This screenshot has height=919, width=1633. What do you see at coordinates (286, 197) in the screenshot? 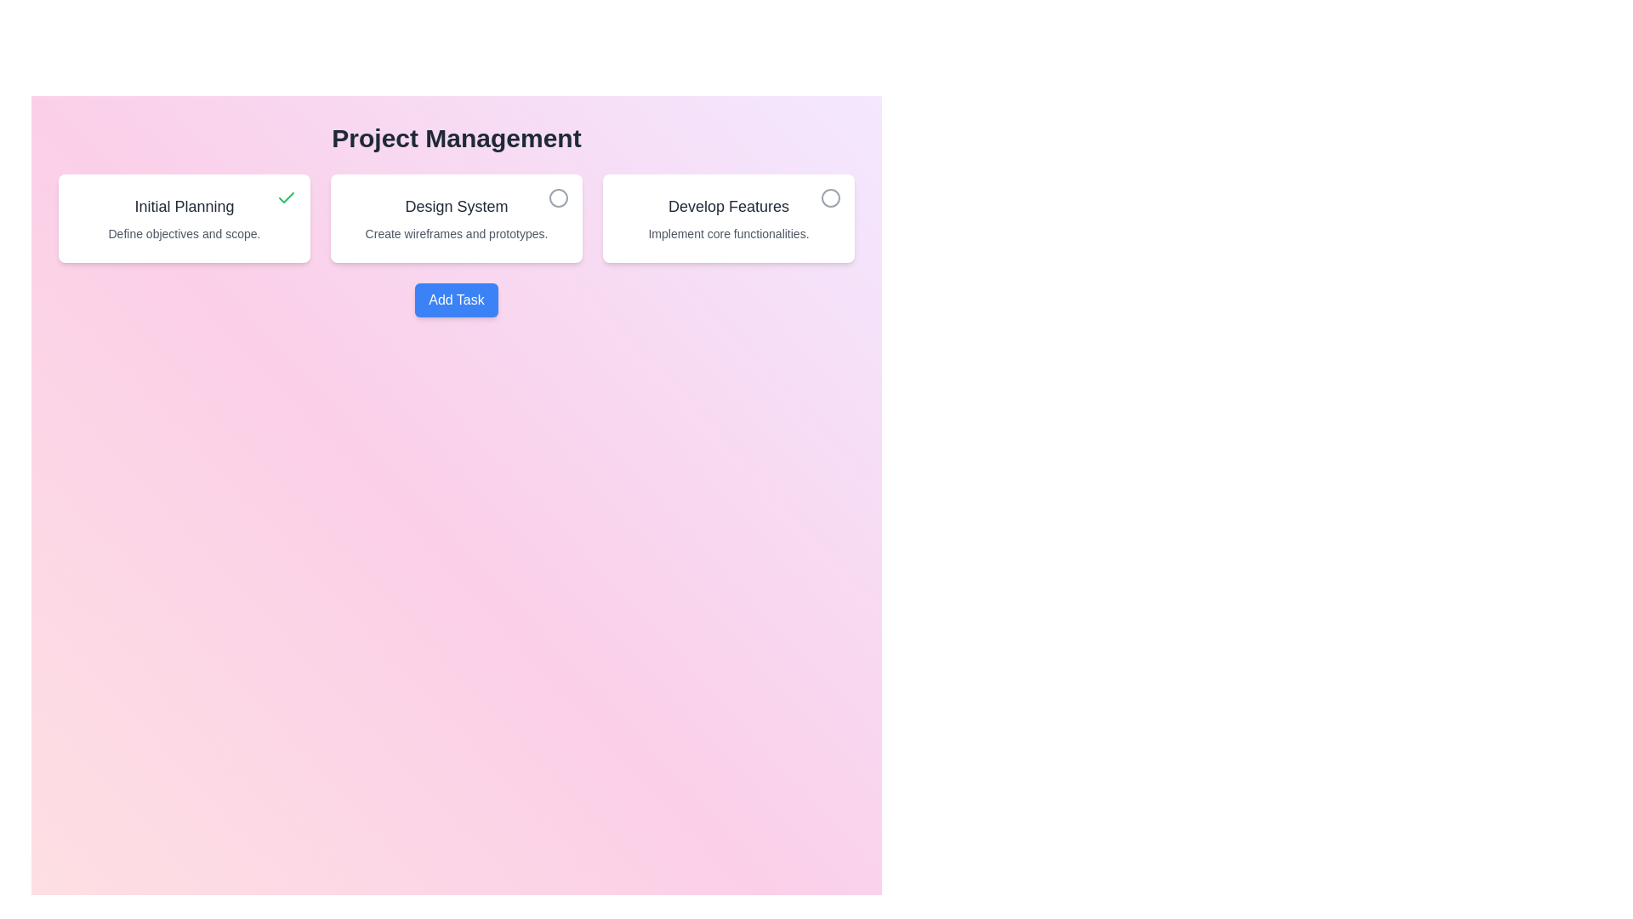
I see `the task identified by its title Initial Planning` at bounding box center [286, 197].